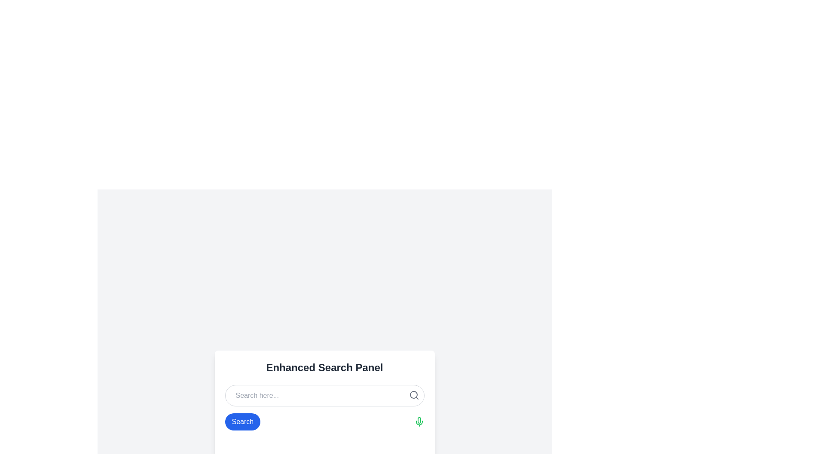 Image resolution: width=825 pixels, height=464 pixels. I want to click on the circular light gray magnifying glass icon component located at the center of the search bar at the top of the search panel, so click(413, 394).